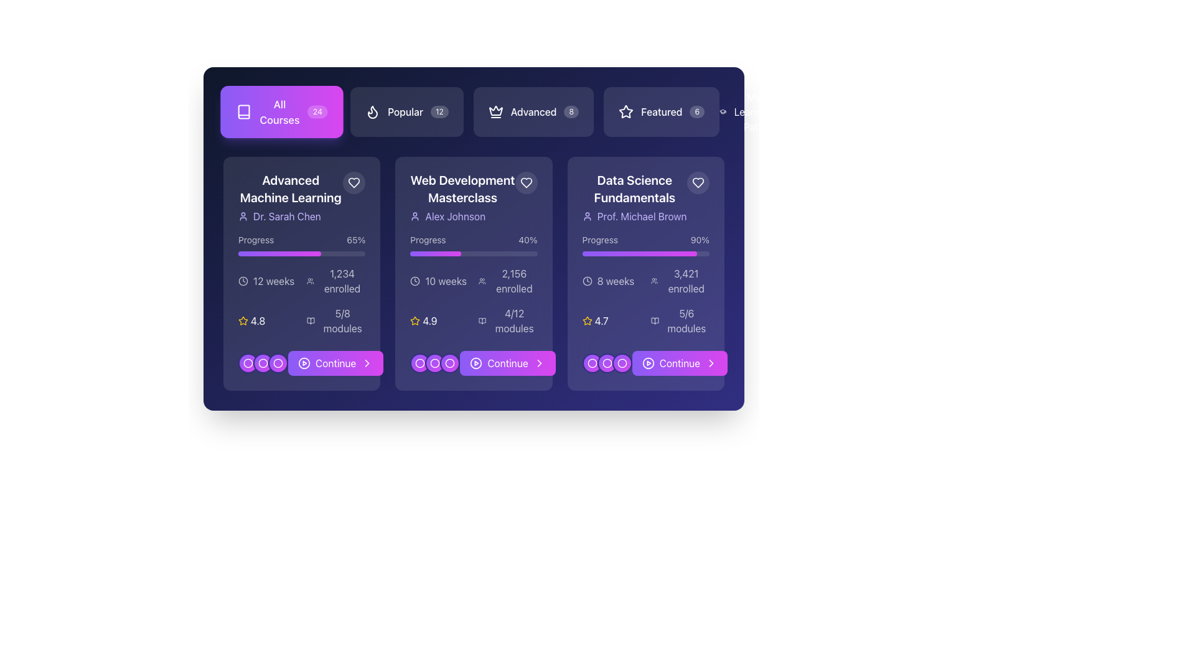 The height and width of the screenshot is (672, 1195). I want to click on the Progress tracker for the course 'Web Development Masterclass', which visually represents the completion percentage and is located below the title and author name, so click(473, 245).